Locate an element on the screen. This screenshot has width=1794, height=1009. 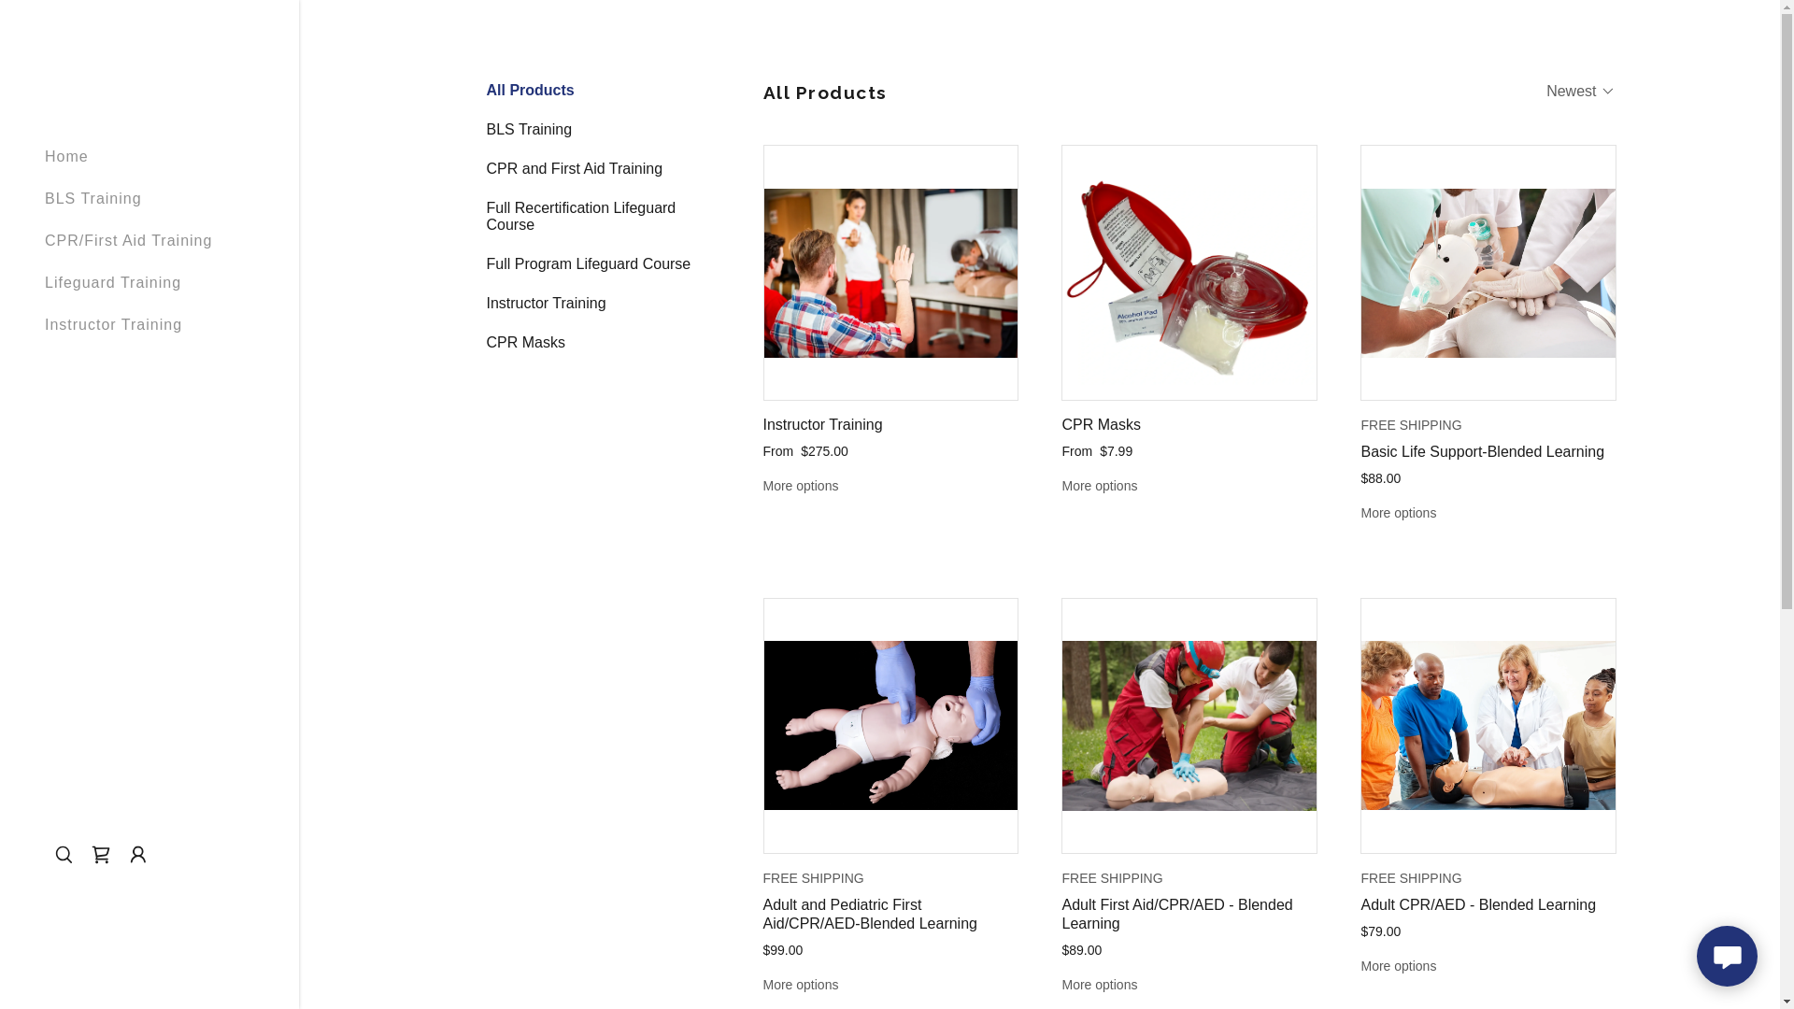
'CPR and First Aid Training' is located at coordinates (590, 169).